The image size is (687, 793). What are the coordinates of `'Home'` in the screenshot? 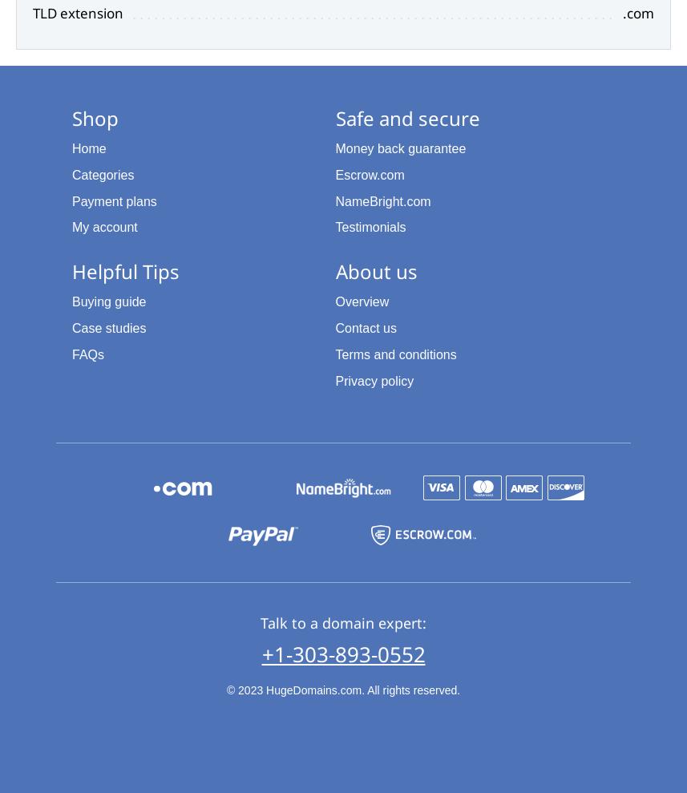 It's located at (88, 148).